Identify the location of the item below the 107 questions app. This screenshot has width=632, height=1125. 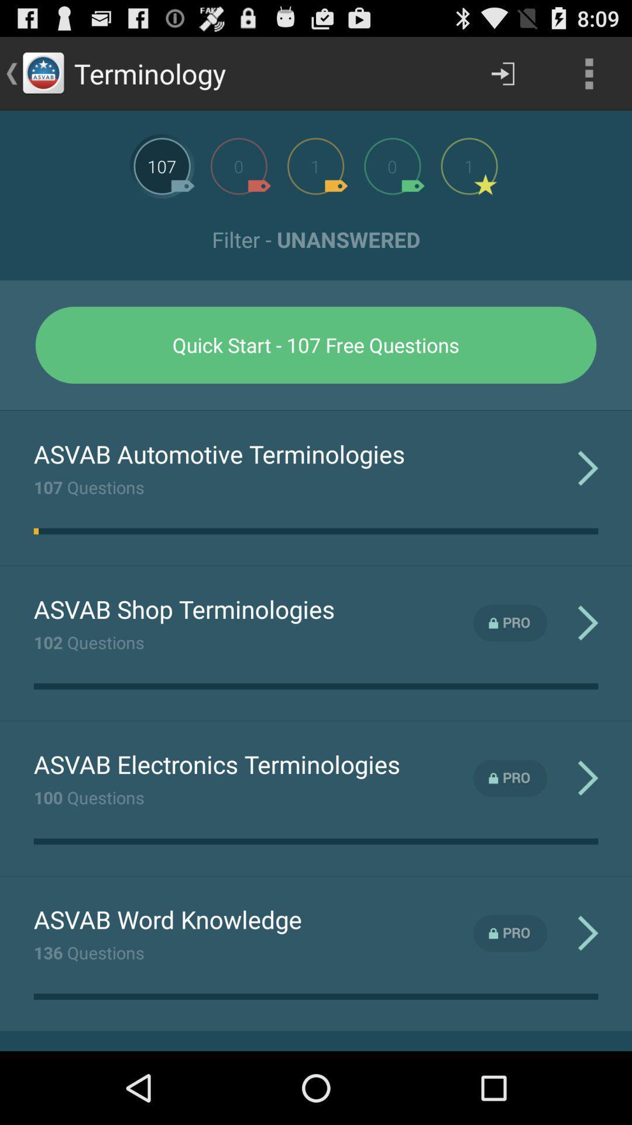
(35, 530).